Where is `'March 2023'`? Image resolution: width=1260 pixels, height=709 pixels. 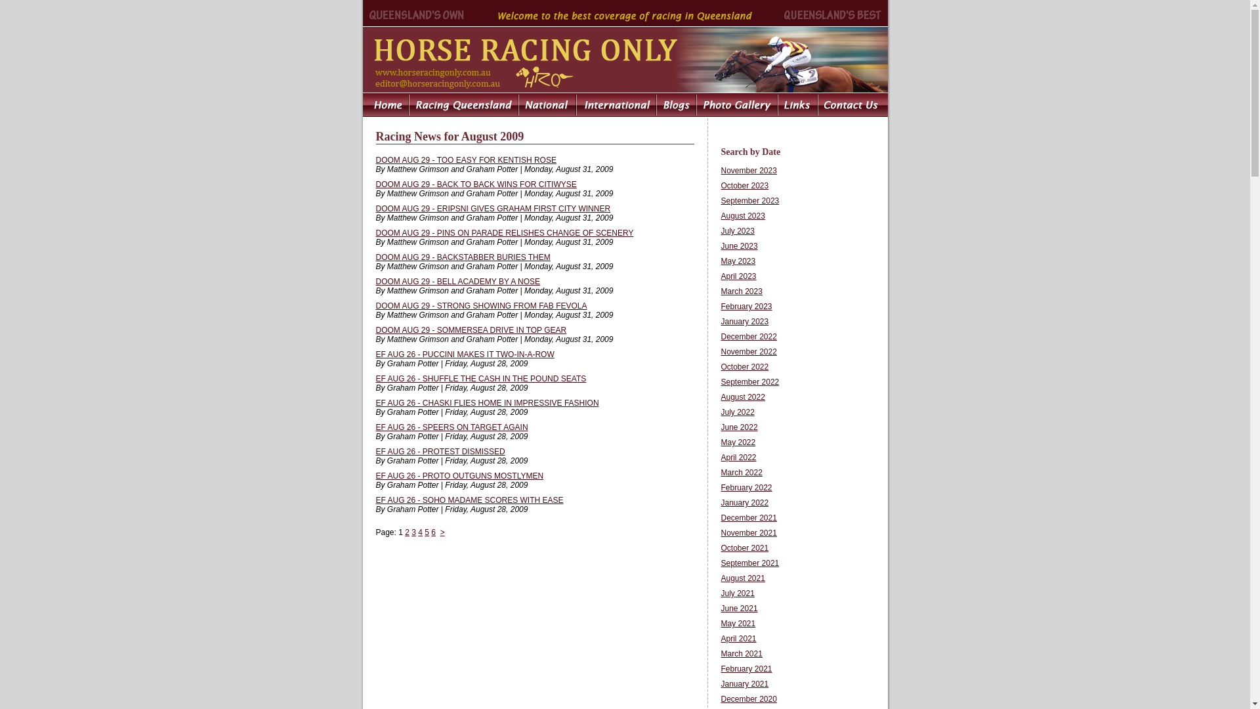
'March 2023' is located at coordinates (741, 290).